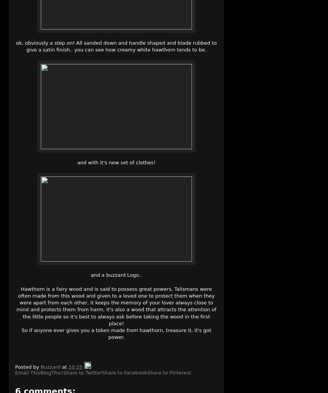 The width and height of the screenshot is (328, 393). Describe the element at coordinates (124, 373) in the screenshot. I see `'Share to Facebook'` at that location.